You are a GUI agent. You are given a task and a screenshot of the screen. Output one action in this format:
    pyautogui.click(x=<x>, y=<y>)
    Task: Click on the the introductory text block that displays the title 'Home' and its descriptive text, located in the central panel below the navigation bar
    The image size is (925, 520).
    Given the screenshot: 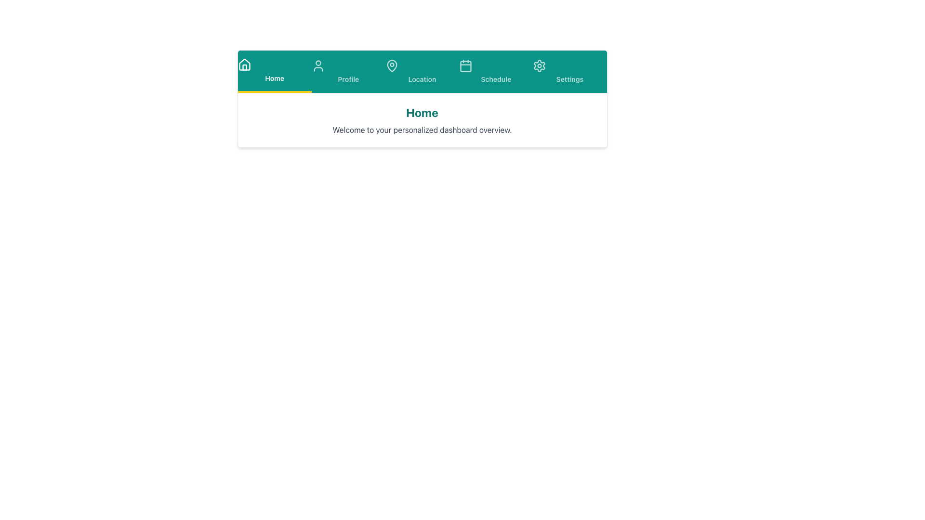 What is the action you would take?
    pyautogui.click(x=422, y=120)
    